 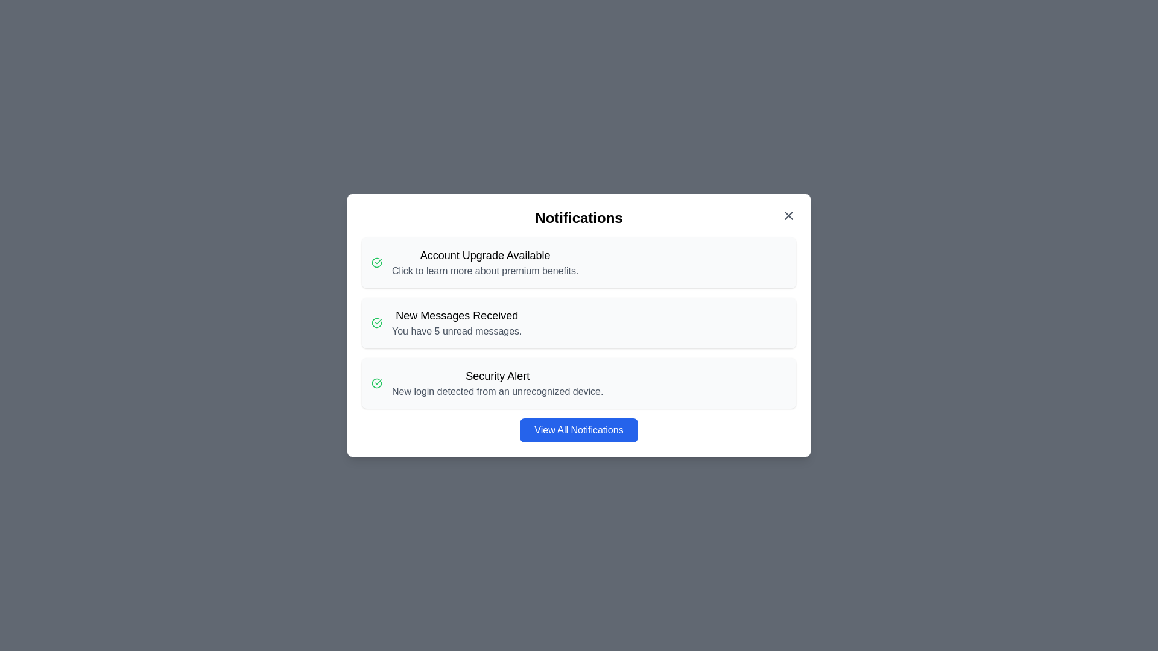 What do you see at coordinates (456, 322) in the screenshot?
I see `text from the notification message block displaying 'New Messages Received' and 'You have 5 unread messages.'` at bounding box center [456, 322].